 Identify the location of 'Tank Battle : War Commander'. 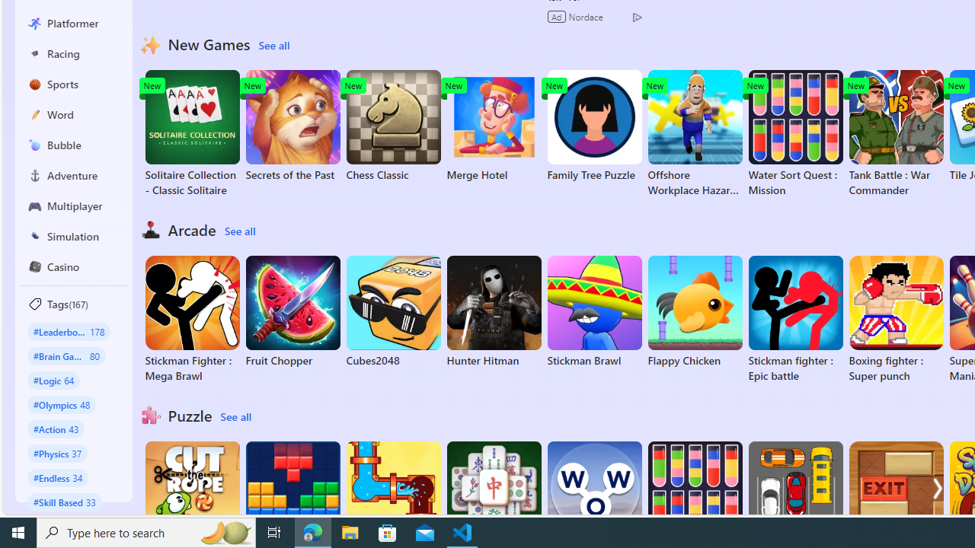
(896, 133).